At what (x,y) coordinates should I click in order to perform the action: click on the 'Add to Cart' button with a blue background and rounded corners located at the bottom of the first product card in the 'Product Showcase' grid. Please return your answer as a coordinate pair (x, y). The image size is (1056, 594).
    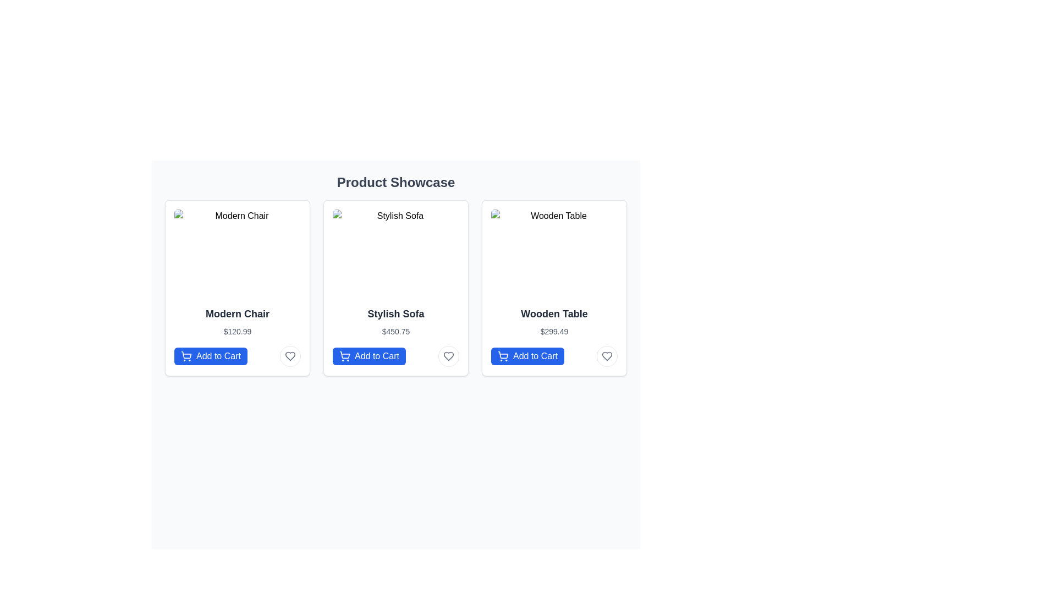
    Looking at the image, I should click on (211, 356).